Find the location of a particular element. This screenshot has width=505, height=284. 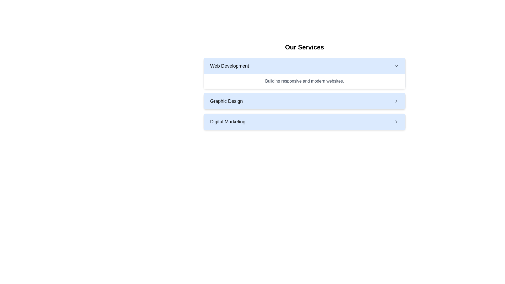

the chevron icon located at the far-right side of the 'Web Development' section is located at coordinates (396, 65).